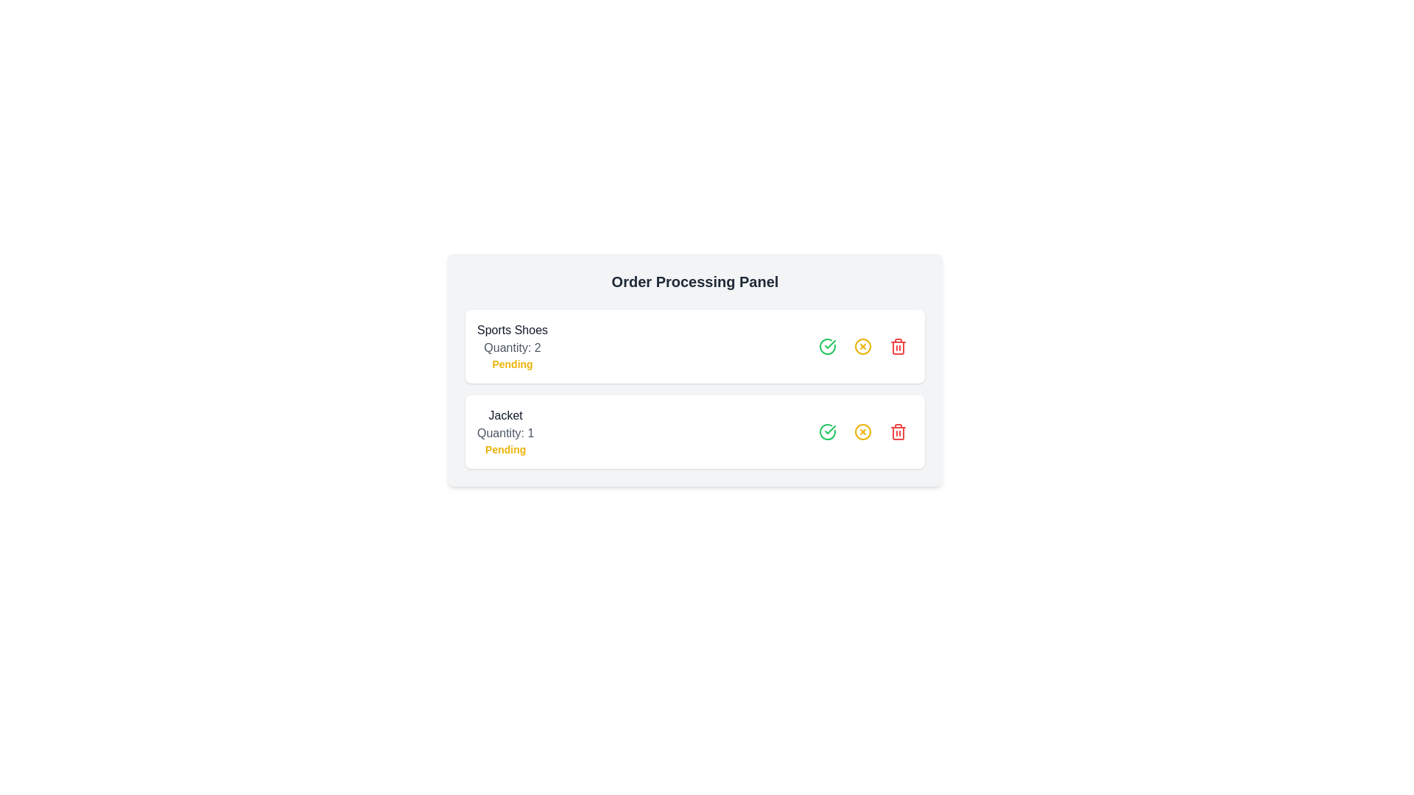 This screenshot has width=1414, height=795. Describe the element at coordinates (827, 346) in the screenshot. I see `the confirmation button located to the left of the 'Sports Shoes' item entry to change its shade` at that location.